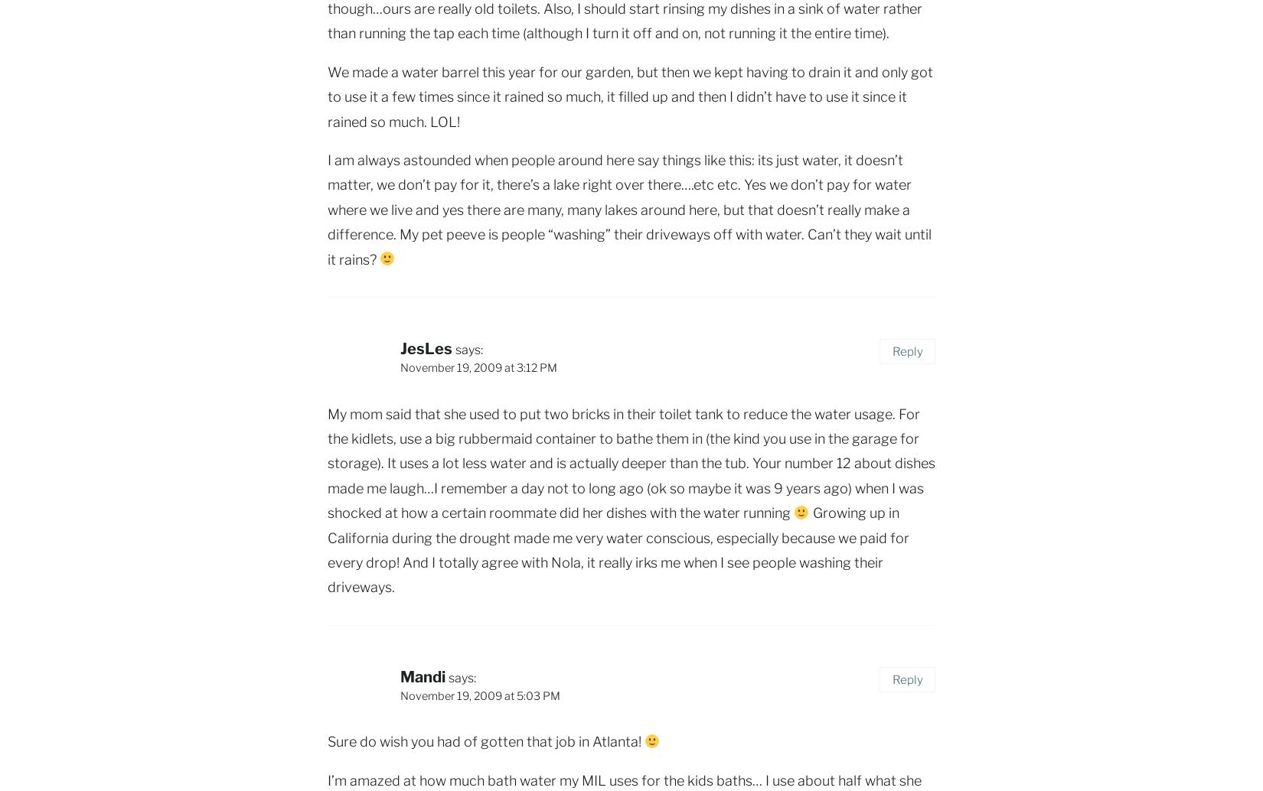 The width and height of the screenshot is (1263, 791). What do you see at coordinates (327, 741) in the screenshot?
I see `'Sure do wish you had of gotten that job in Atlanta!'` at bounding box center [327, 741].